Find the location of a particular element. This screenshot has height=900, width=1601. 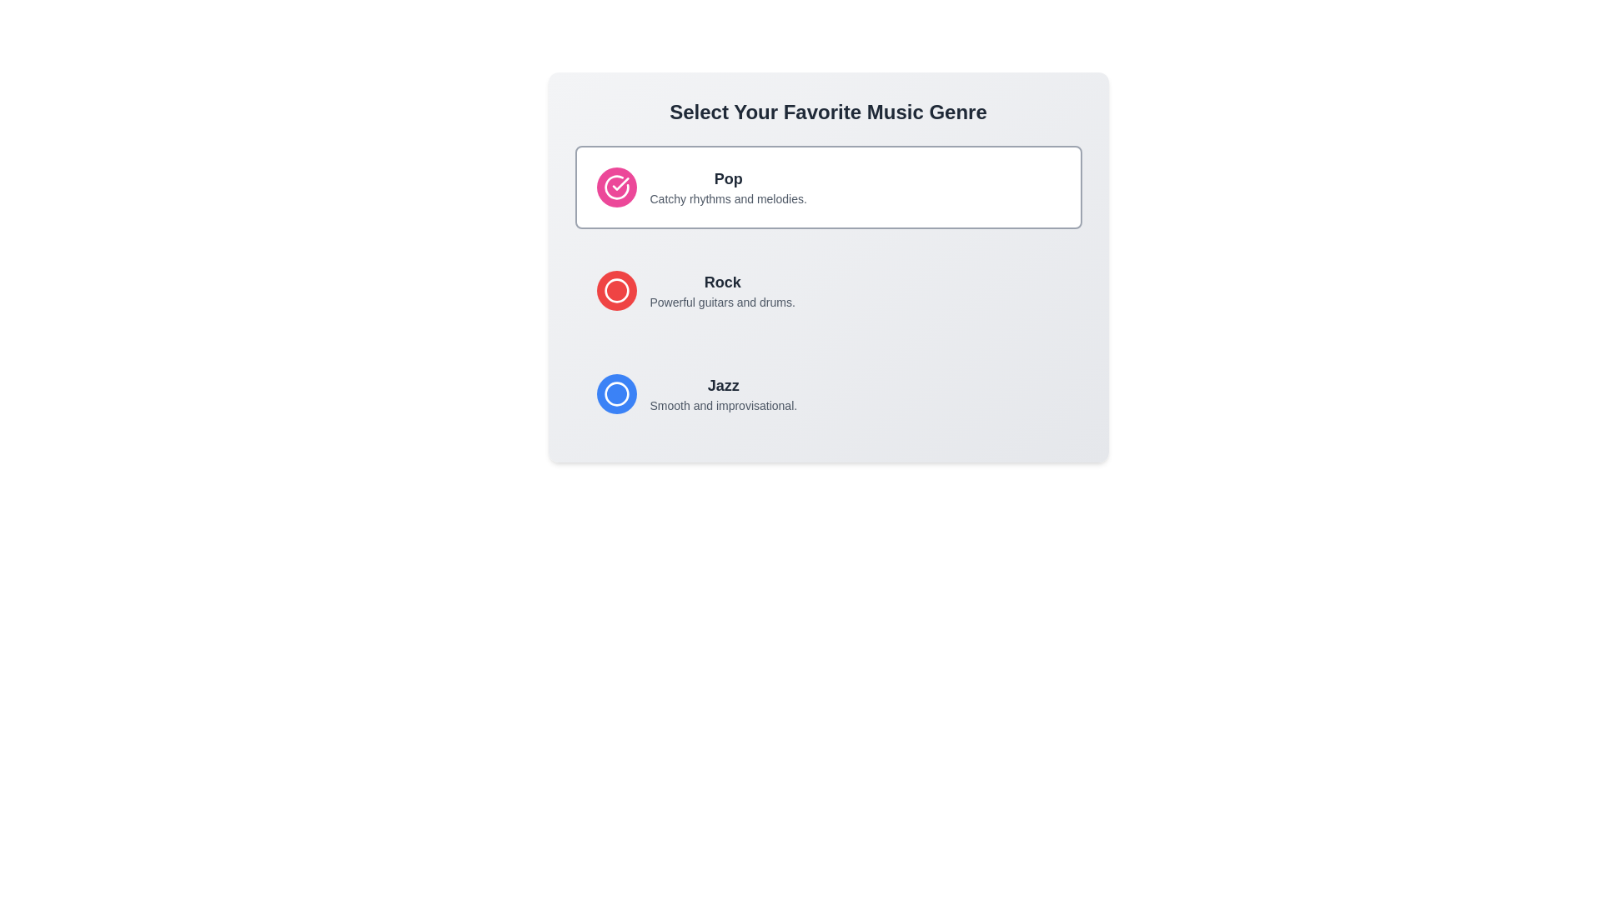

the composite text element displaying 'Rock' and its subtitle 'Powerful guitars and drums' is located at coordinates (722, 289).